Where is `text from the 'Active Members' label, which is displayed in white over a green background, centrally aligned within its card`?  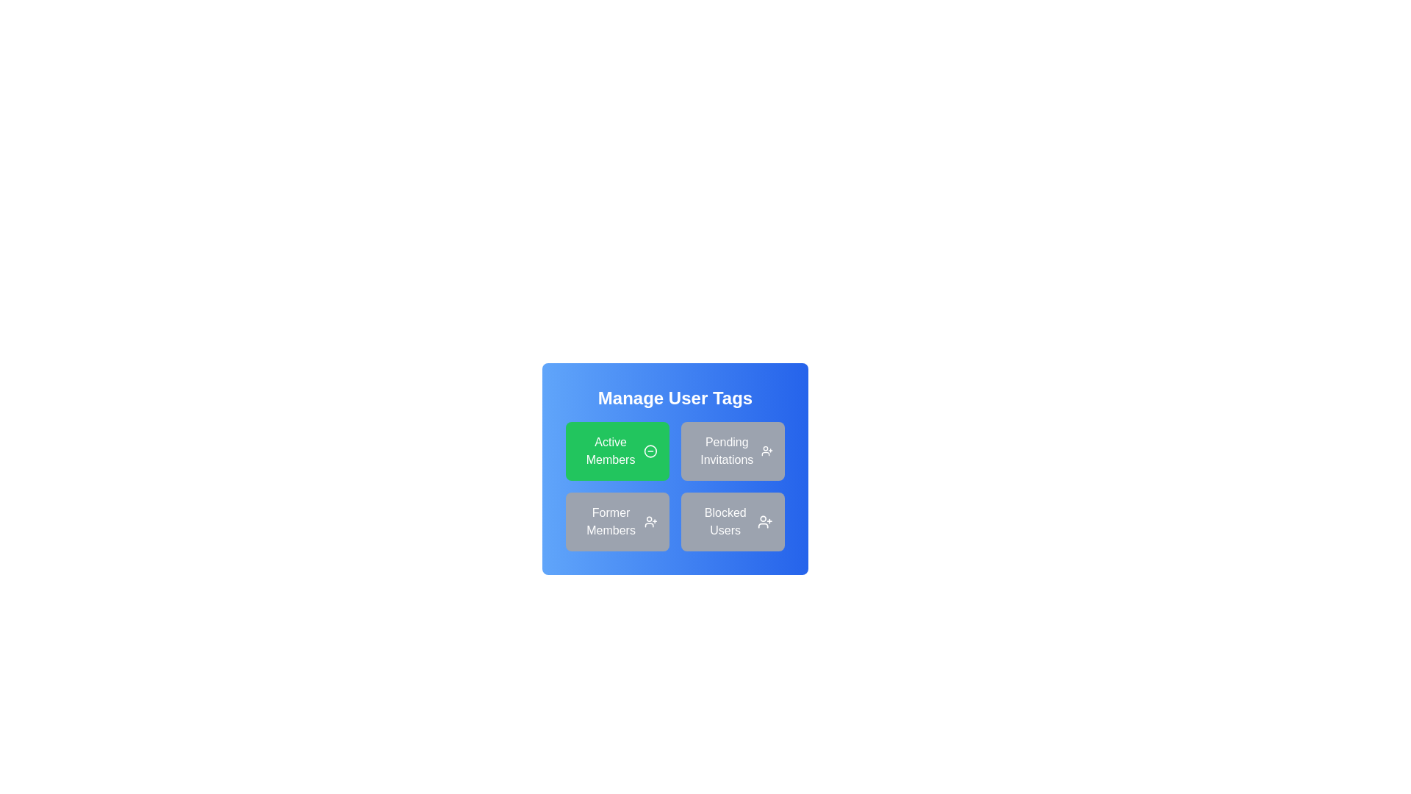
text from the 'Active Members' label, which is displayed in white over a green background, centrally aligned within its card is located at coordinates (610, 450).